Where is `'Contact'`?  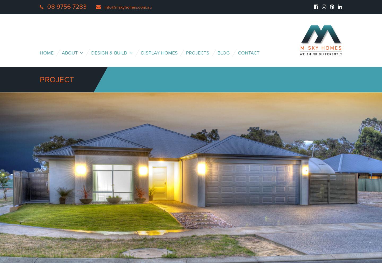 'Contact' is located at coordinates (248, 53).